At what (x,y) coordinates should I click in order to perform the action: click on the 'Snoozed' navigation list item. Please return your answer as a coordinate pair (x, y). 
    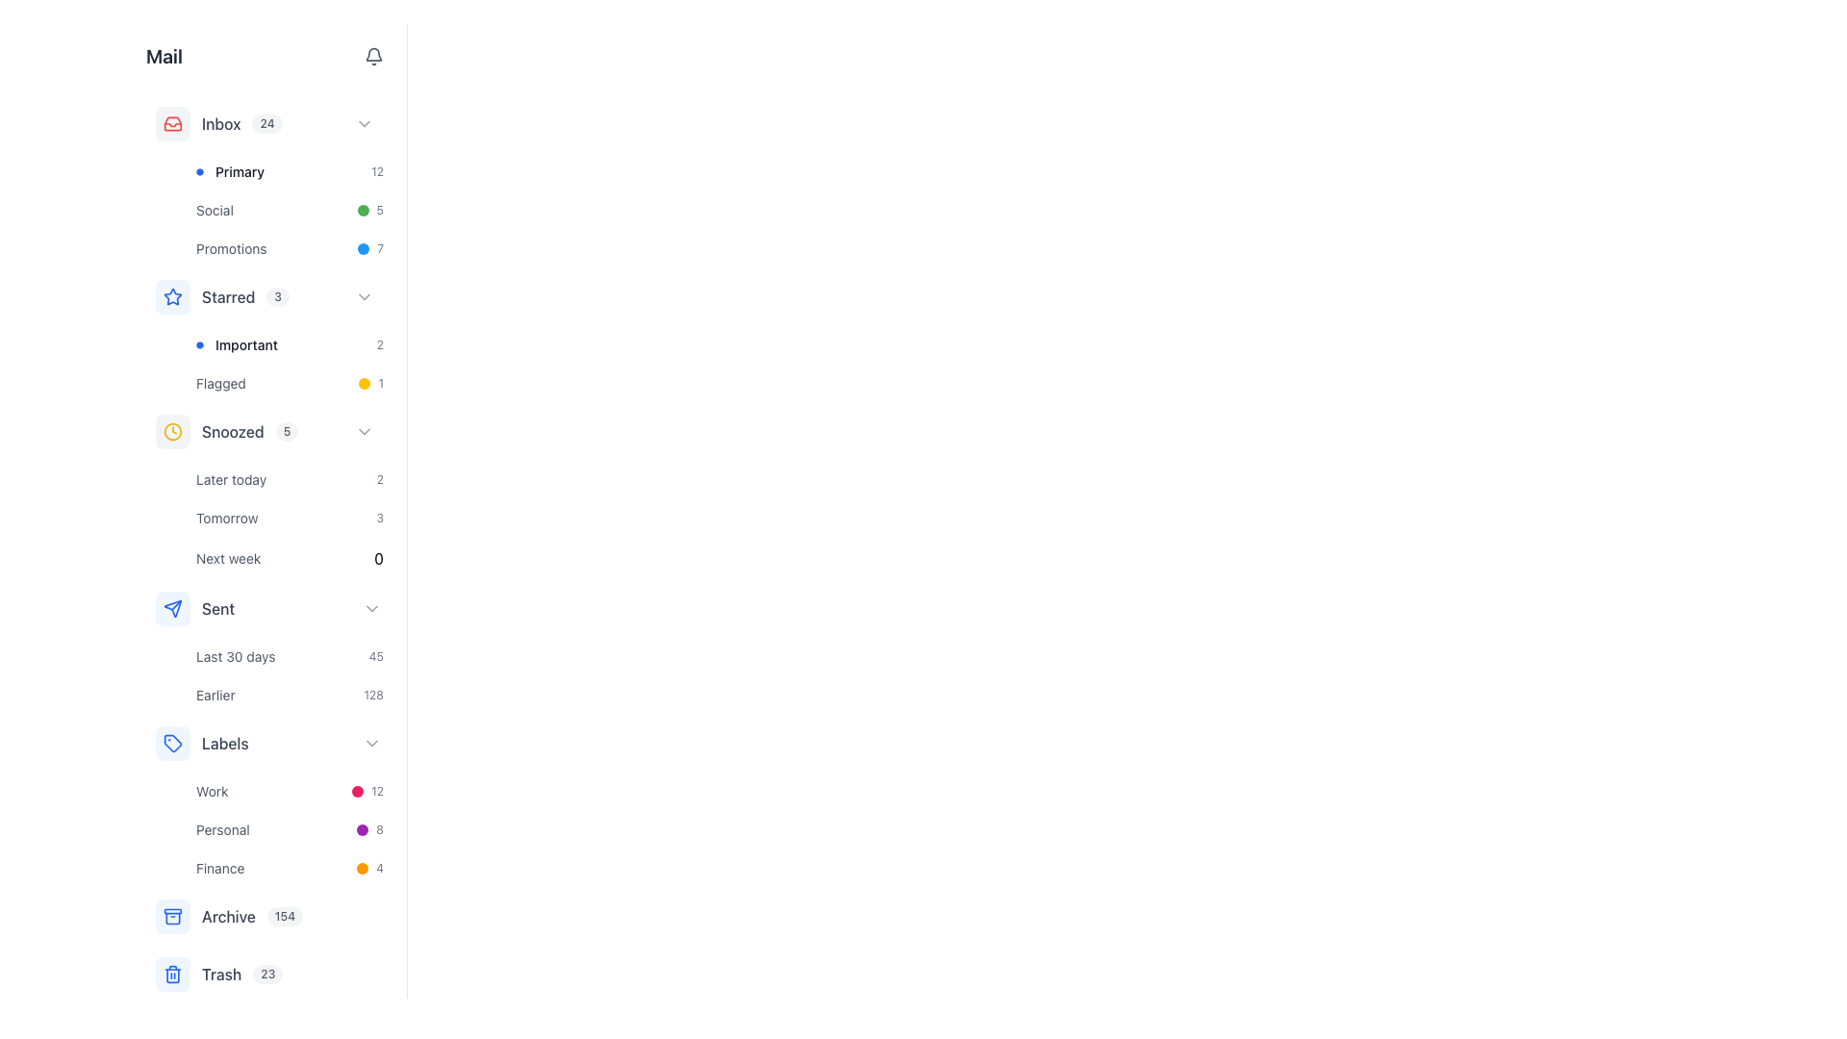
    Looking at the image, I should click on (227, 430).